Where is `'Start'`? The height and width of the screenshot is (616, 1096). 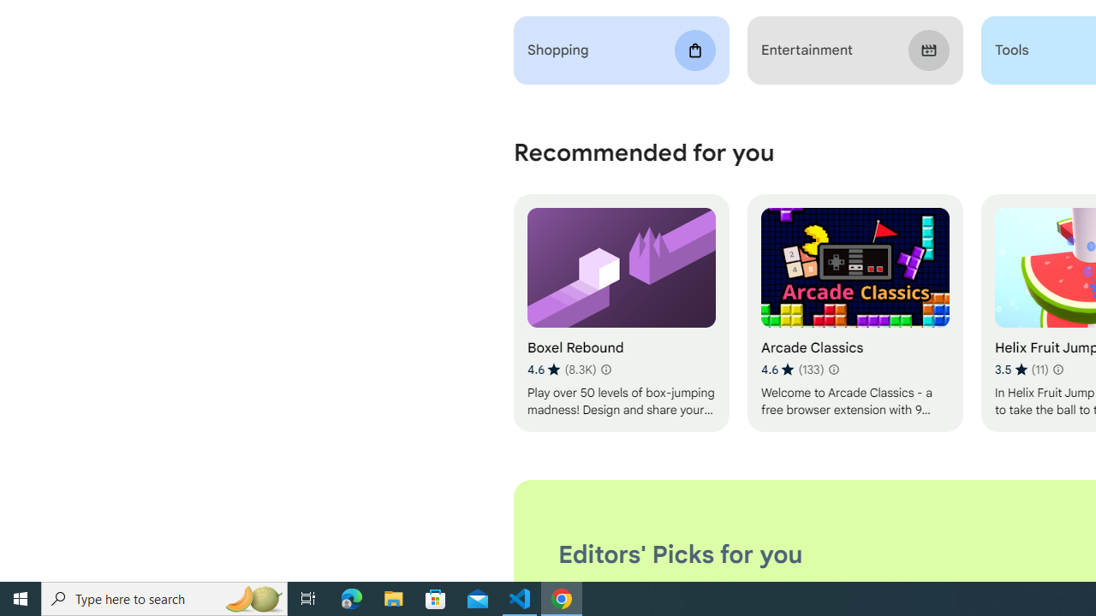 'Start' is located at coordinates (21, 597).